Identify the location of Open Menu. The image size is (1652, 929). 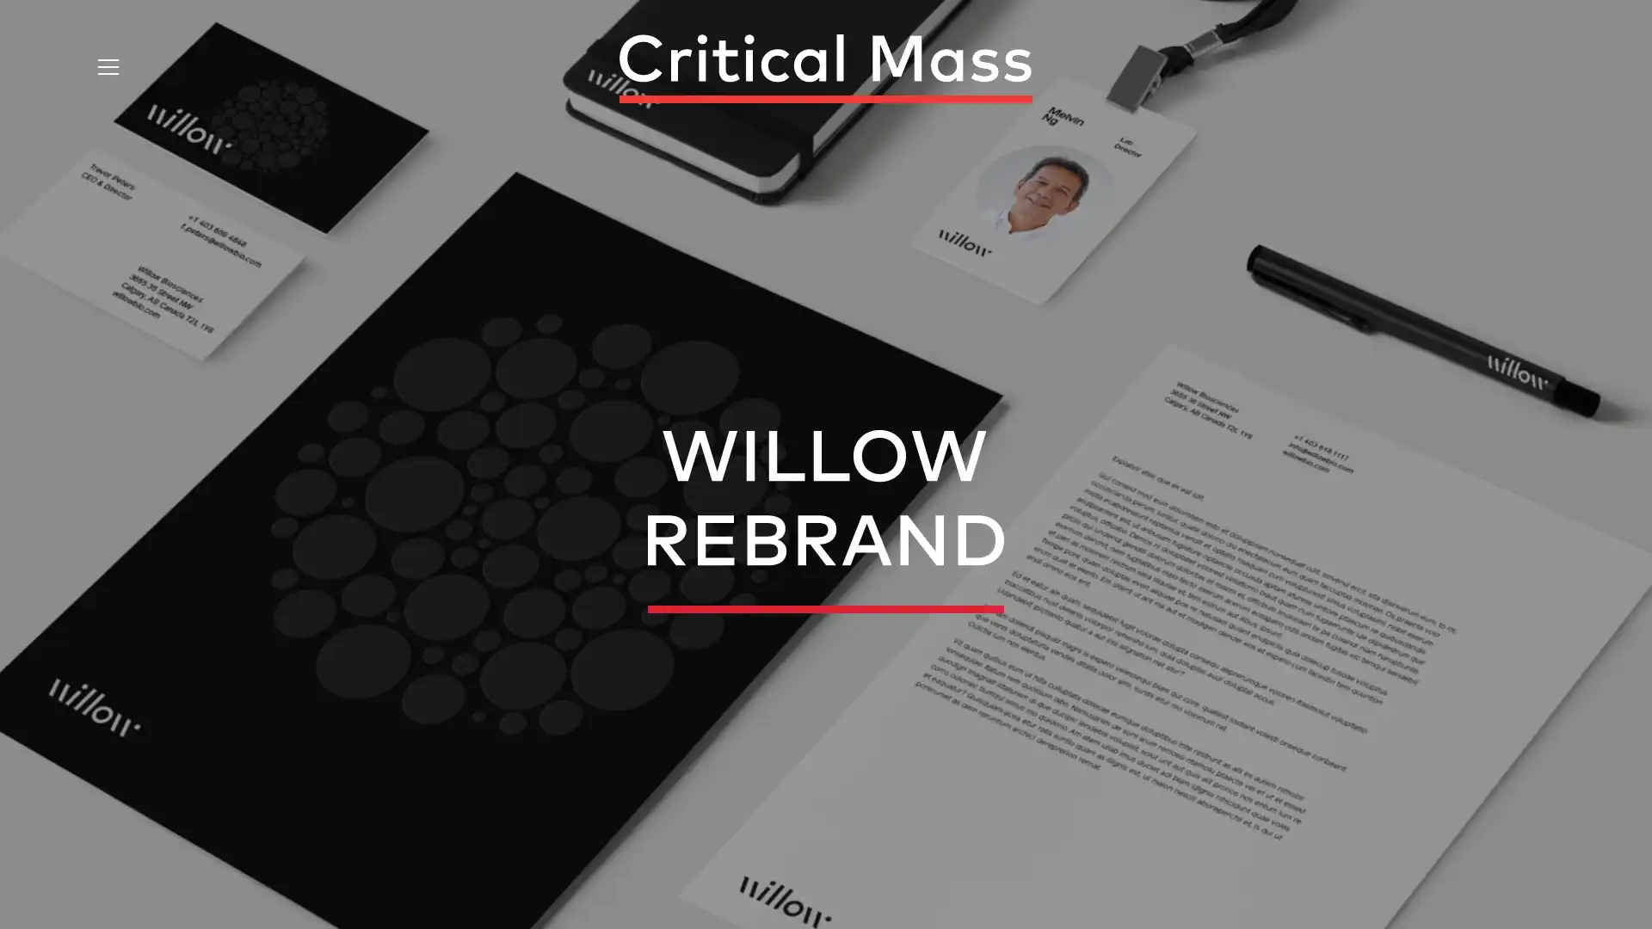
(107, 69).